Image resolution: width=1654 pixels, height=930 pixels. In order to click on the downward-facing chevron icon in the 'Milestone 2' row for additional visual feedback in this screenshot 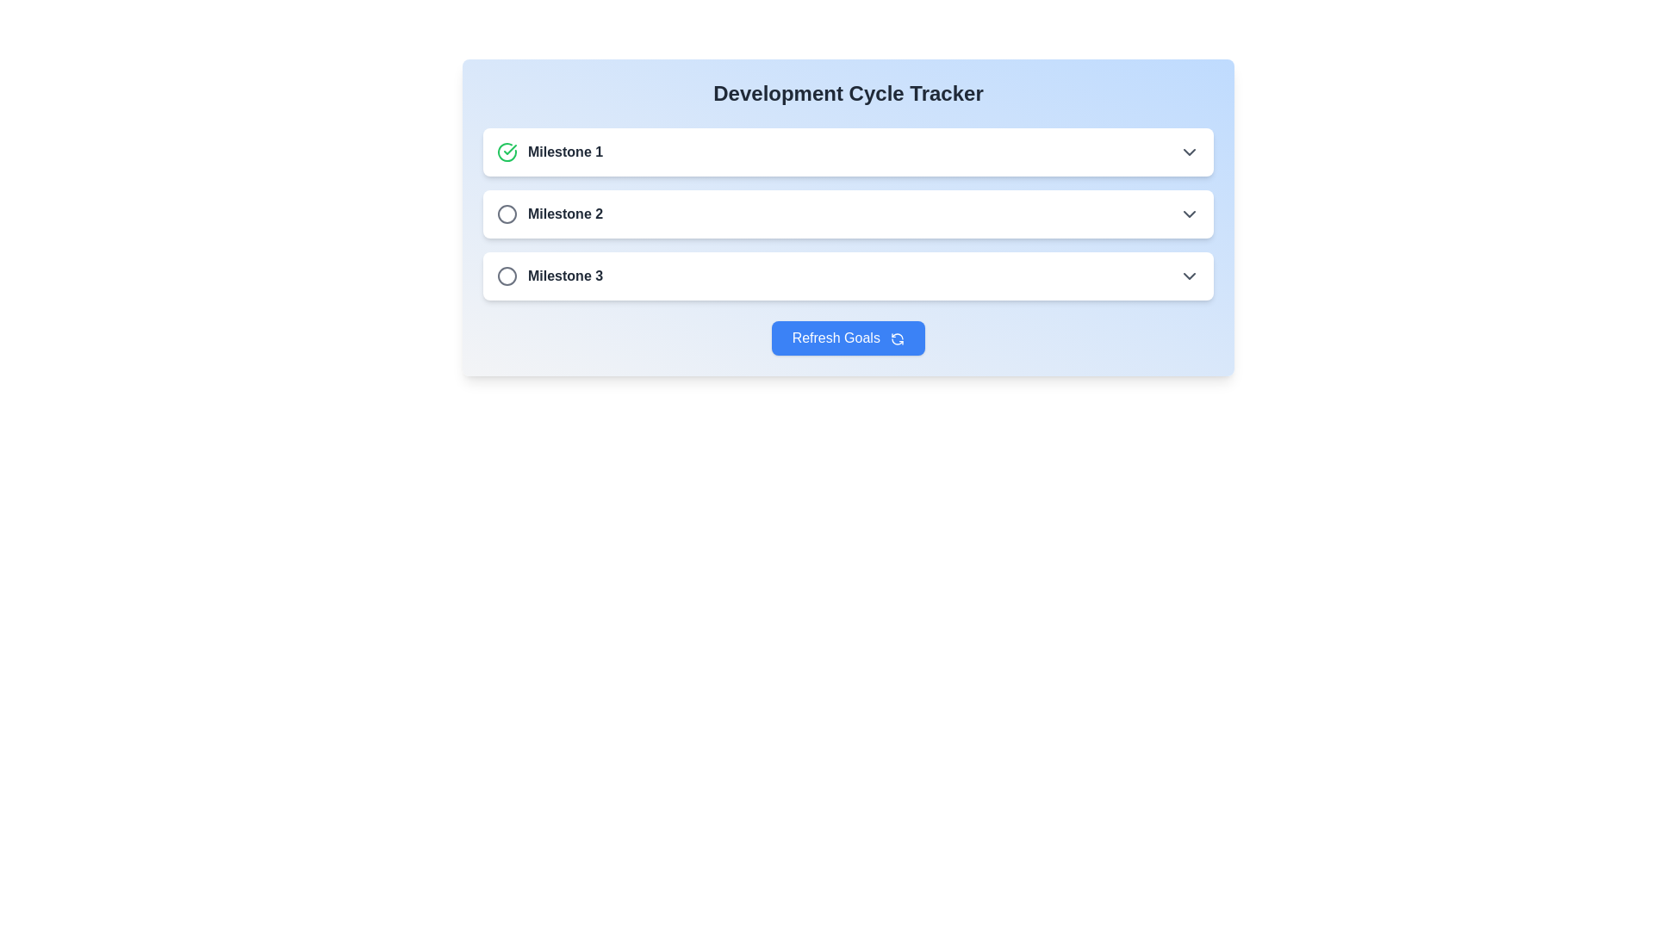, I will do `click(1189, 214)`.